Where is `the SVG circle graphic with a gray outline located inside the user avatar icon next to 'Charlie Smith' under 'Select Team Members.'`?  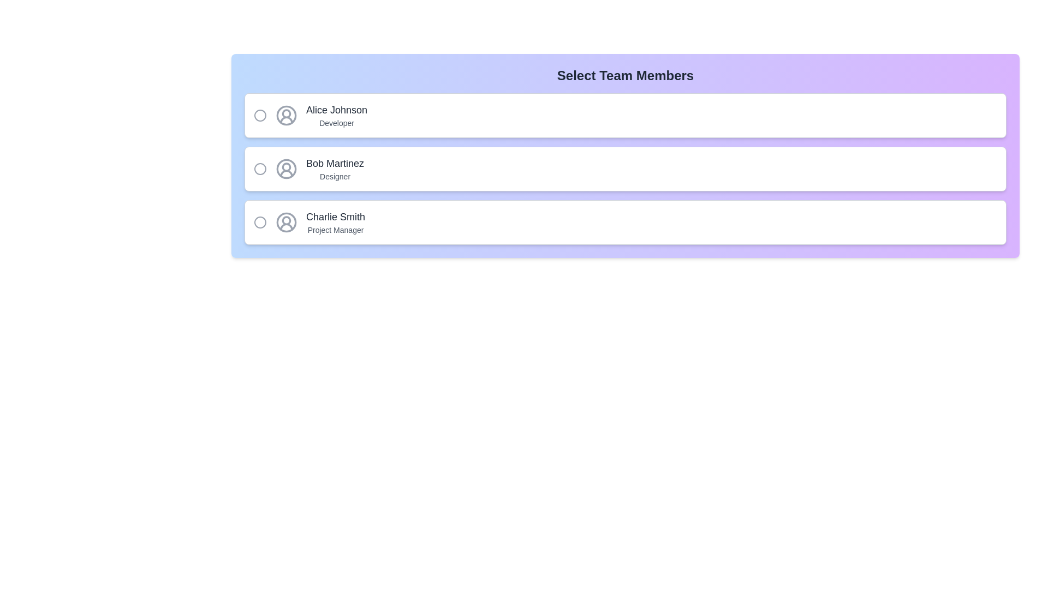
the SVG circle graphic with a gray outline located inside the user avatar icon next to 'Charlie Smith' under 'Select Team Members.' is located at coordinates (286, 222).